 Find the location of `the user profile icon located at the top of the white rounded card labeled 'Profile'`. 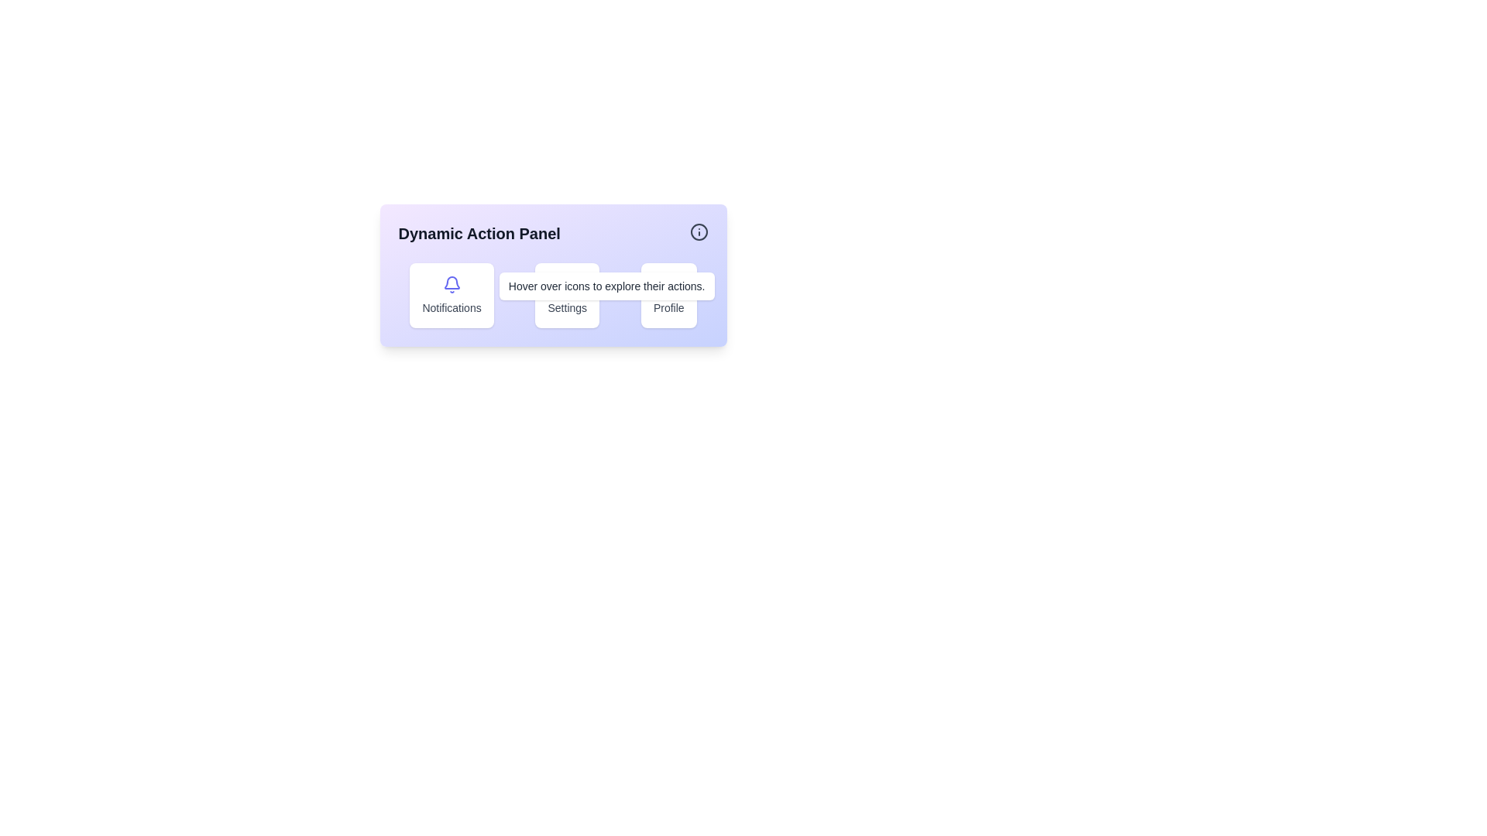

the user profile icon located at the top of the white rounded card labeled 'Profile' is located at coordinates (668, 284).